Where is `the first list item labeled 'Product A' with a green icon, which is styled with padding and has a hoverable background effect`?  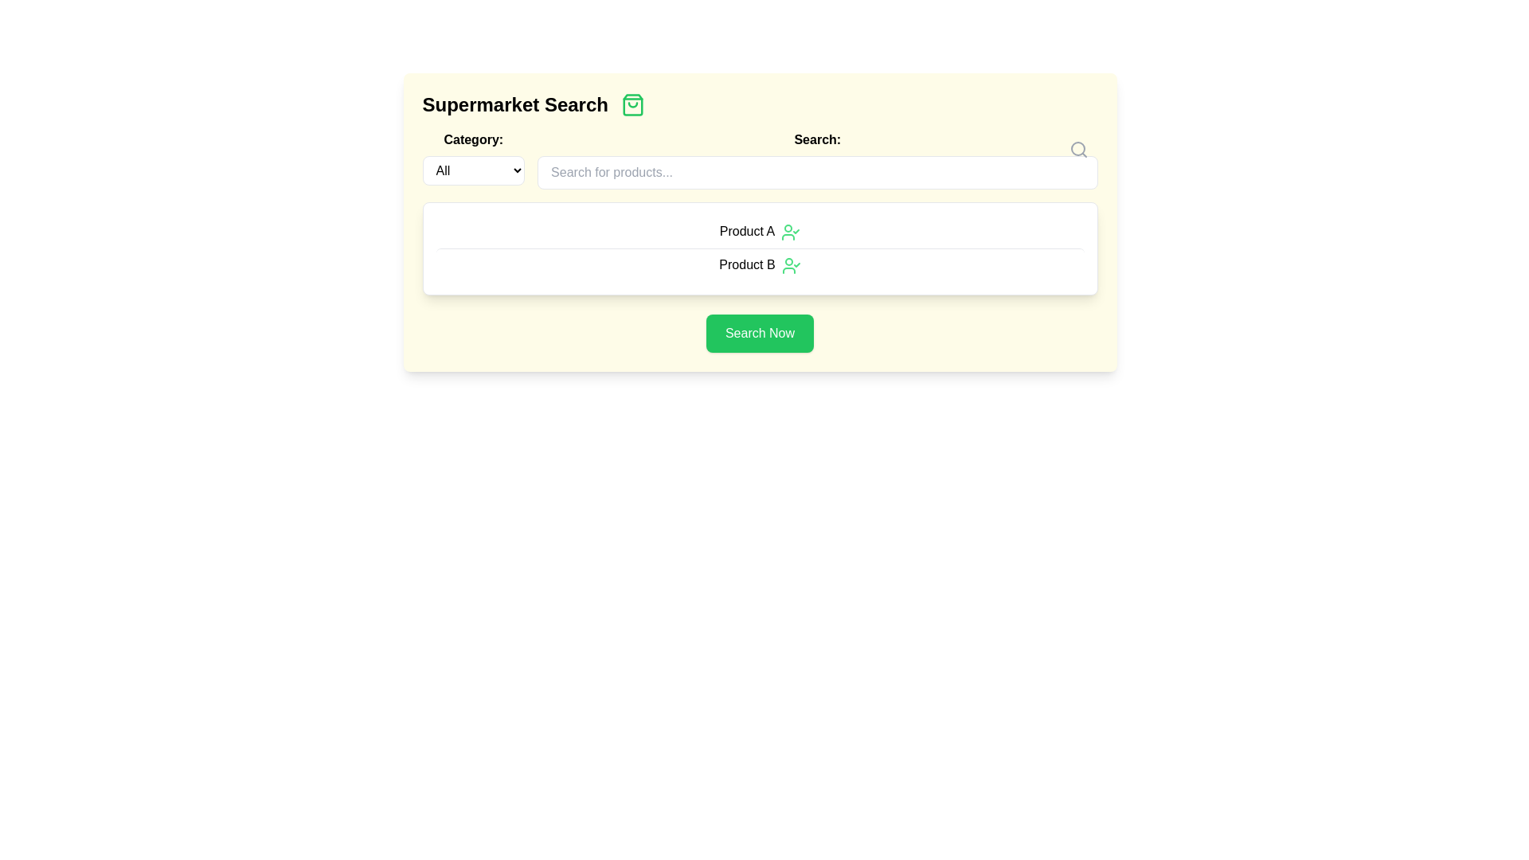
the first list item labeled 'Product A' with a green icon, which is styled with padding and has a hoverable background effect is located at coordinates (759, 232).